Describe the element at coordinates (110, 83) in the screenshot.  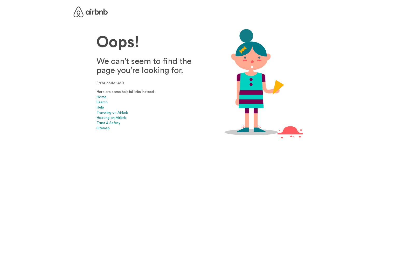
I see `'Error code: 410'` at that location.